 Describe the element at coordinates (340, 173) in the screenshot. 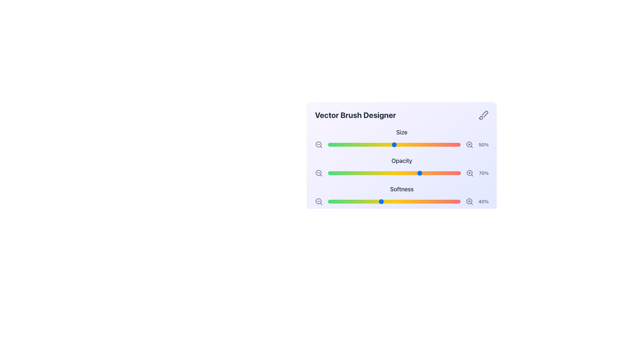

I see `opacity` at that location.